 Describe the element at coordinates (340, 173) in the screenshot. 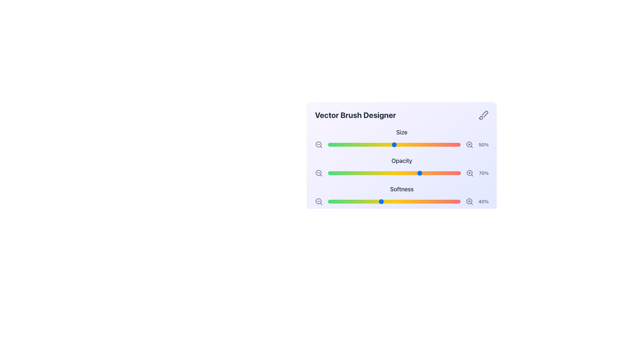

I see `opacity` at that location.